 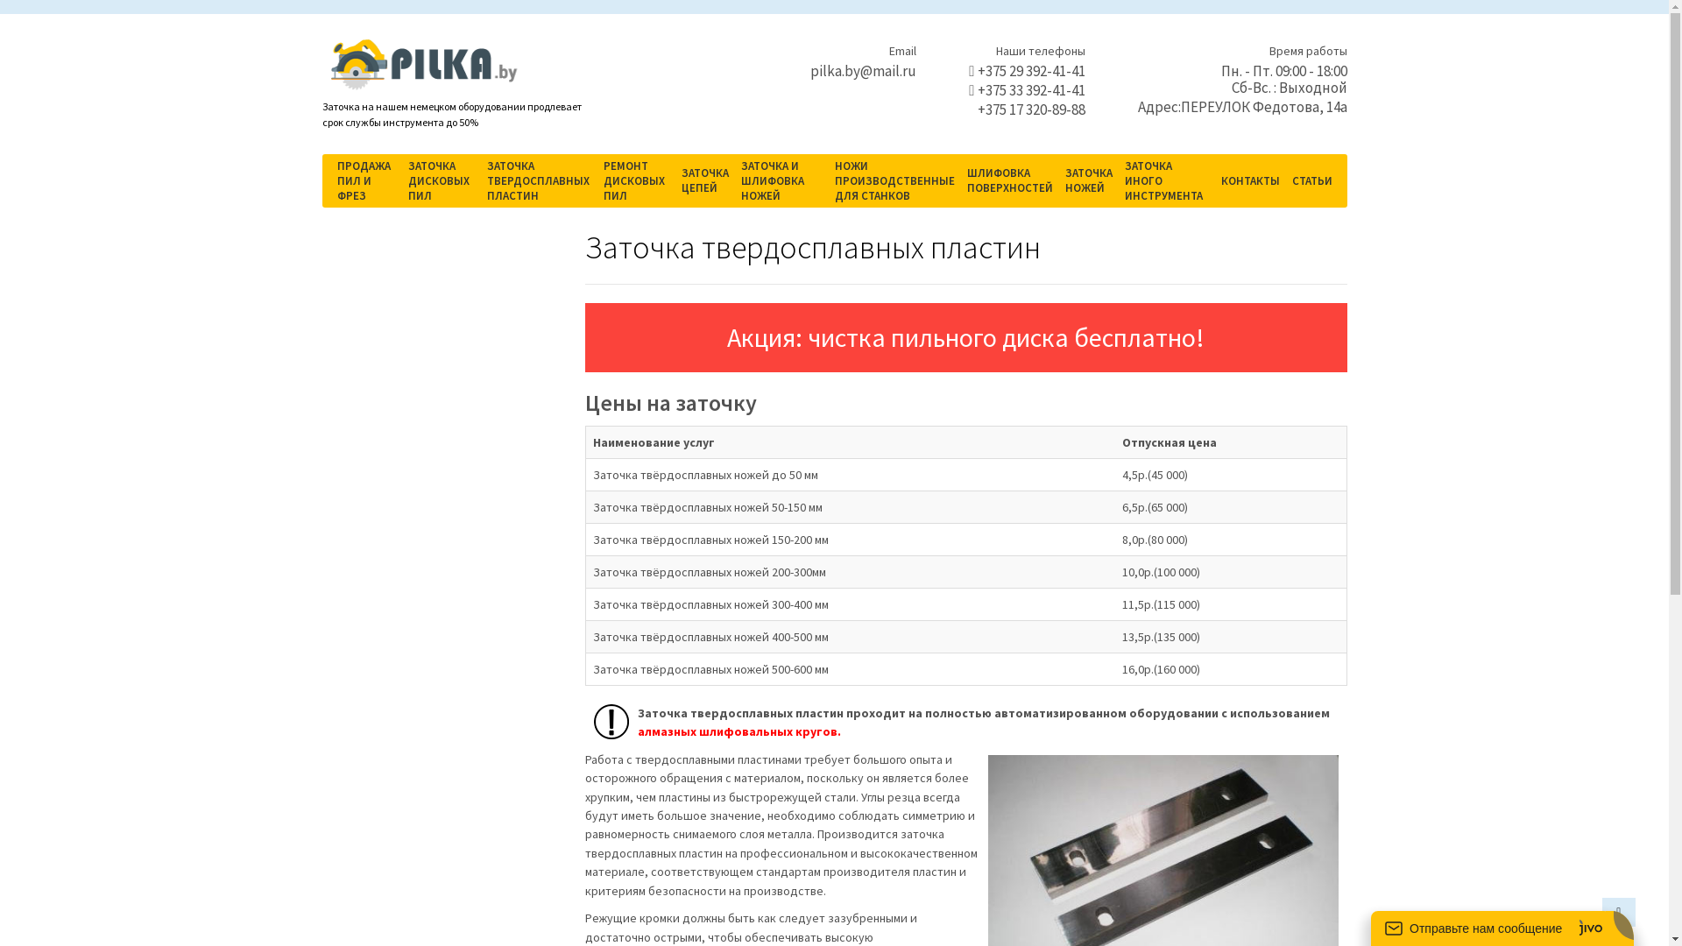 What do you see at coordinates (1026, 109) in the screenshot?
I see `'+375 17 320-89-88'` at bounding box center [1026, 109].